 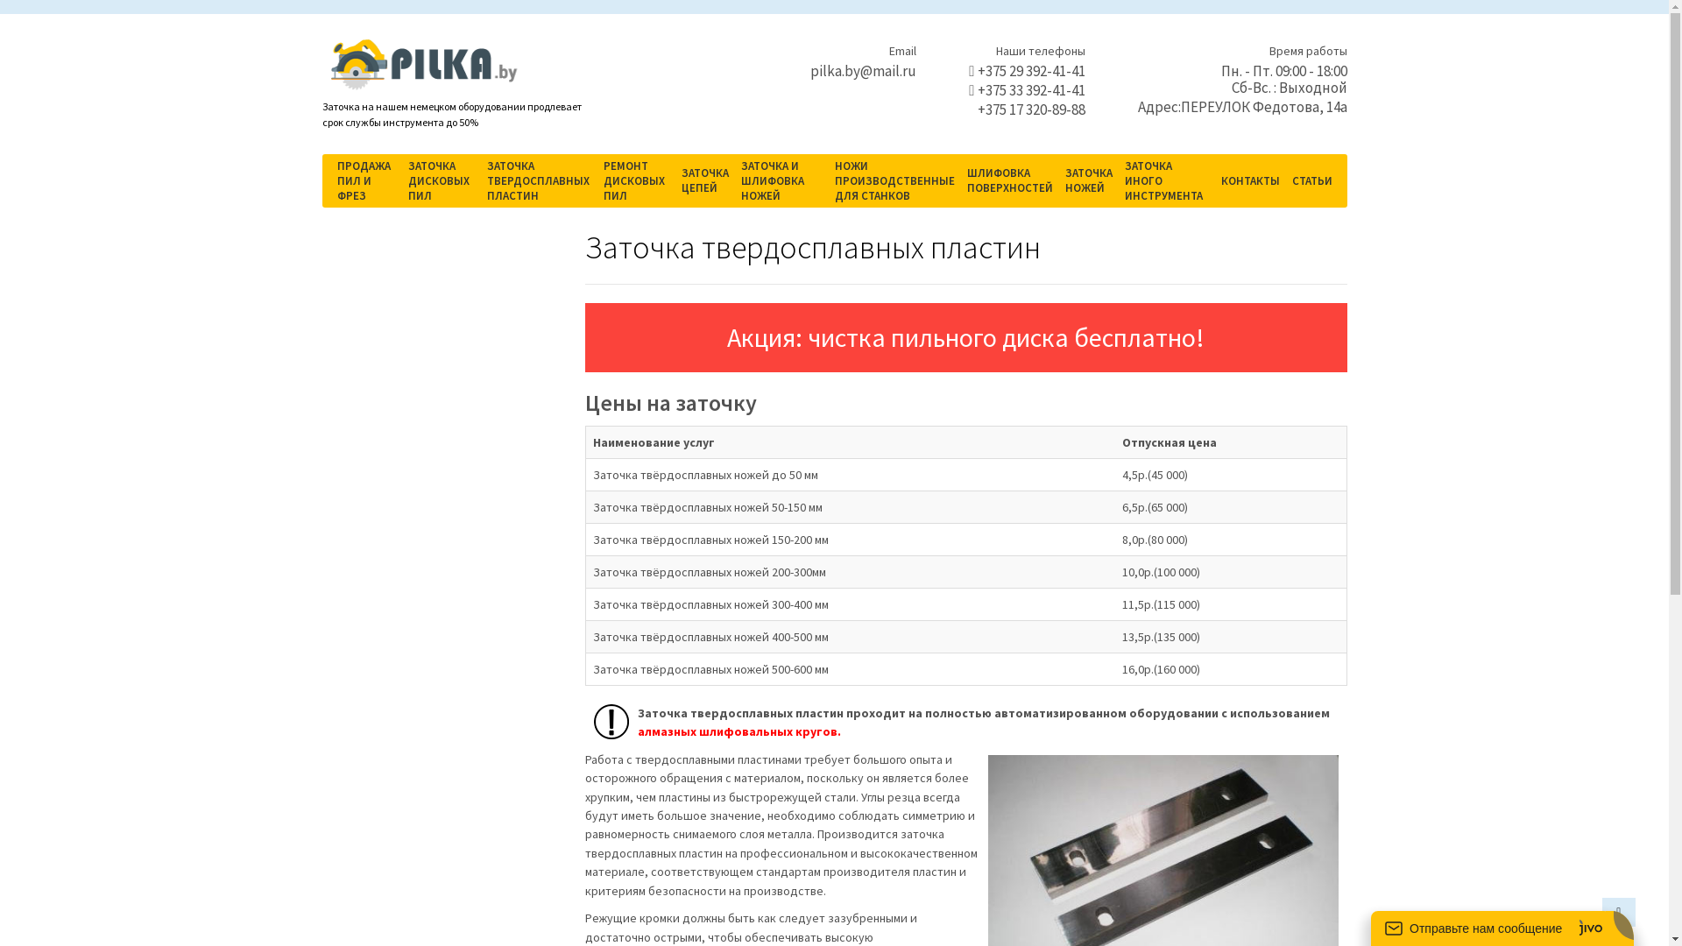 What do you see at coordinates (1026, 109) in the screenshot?
I see `'+375 17 320-89-88'` at bounding box center [1026, 109].